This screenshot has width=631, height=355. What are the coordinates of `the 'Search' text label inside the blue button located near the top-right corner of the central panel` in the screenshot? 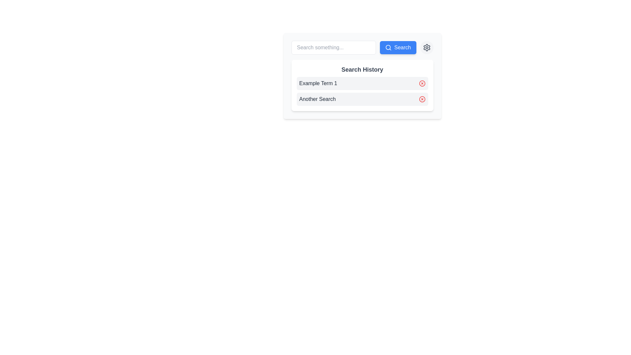 It's located at (402, 47).